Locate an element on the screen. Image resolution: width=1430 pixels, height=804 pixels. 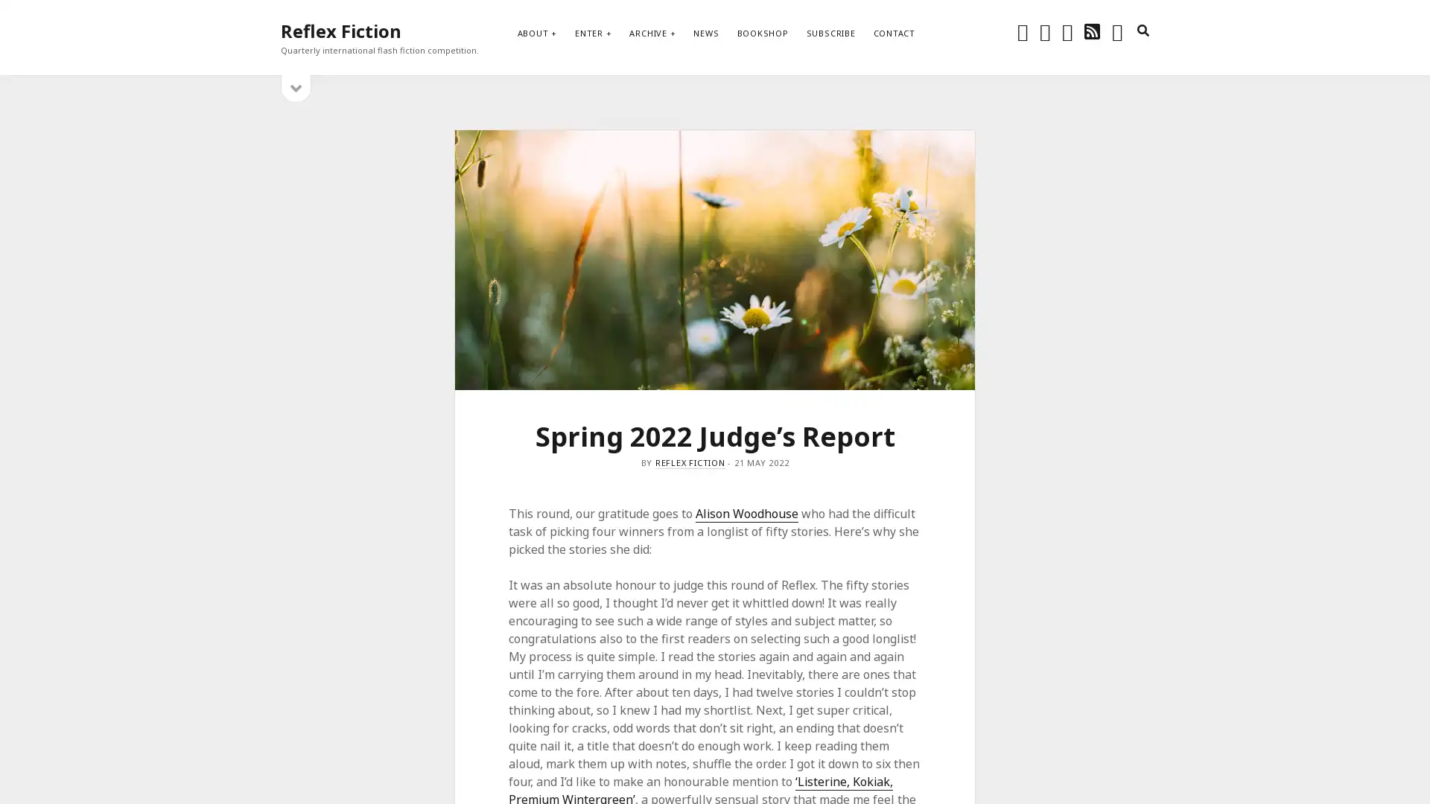
search is located at coordinates (1143, 31).